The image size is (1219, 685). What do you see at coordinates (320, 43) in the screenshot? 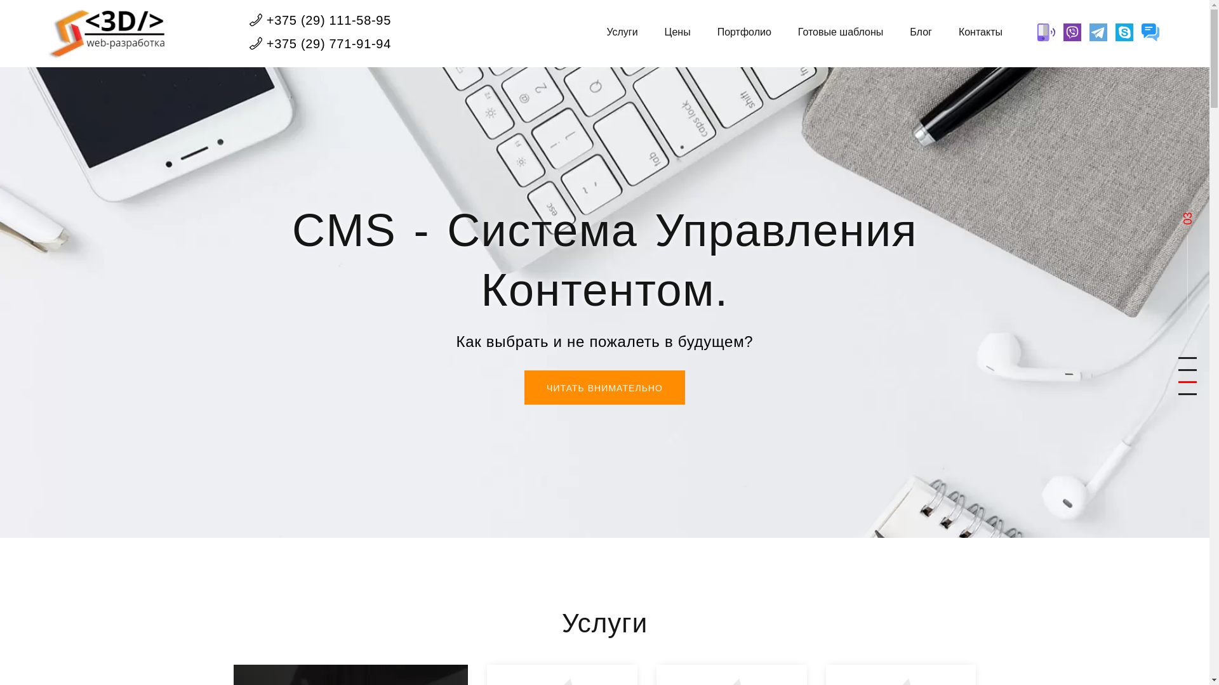
I see `'+375 (29) 771-91-94'` at bounding box center [320, 43].